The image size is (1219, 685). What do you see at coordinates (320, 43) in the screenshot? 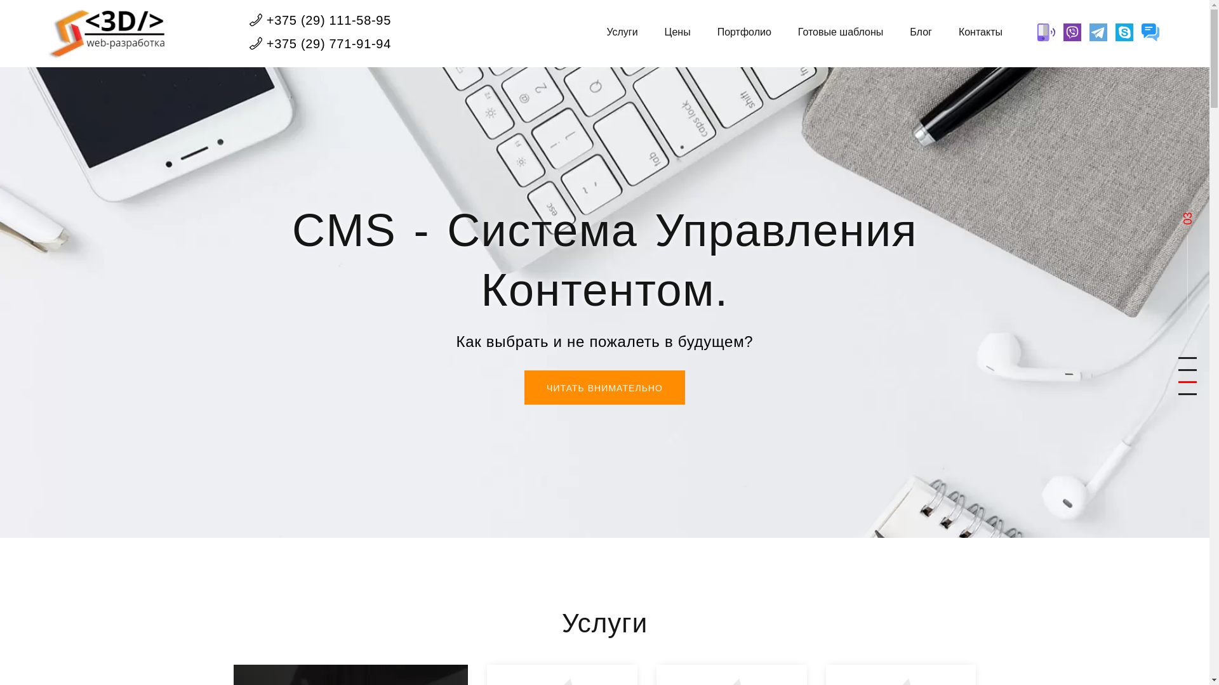
I see `'+375 (29) 771-91-94'` at bounding box center [320, 43].